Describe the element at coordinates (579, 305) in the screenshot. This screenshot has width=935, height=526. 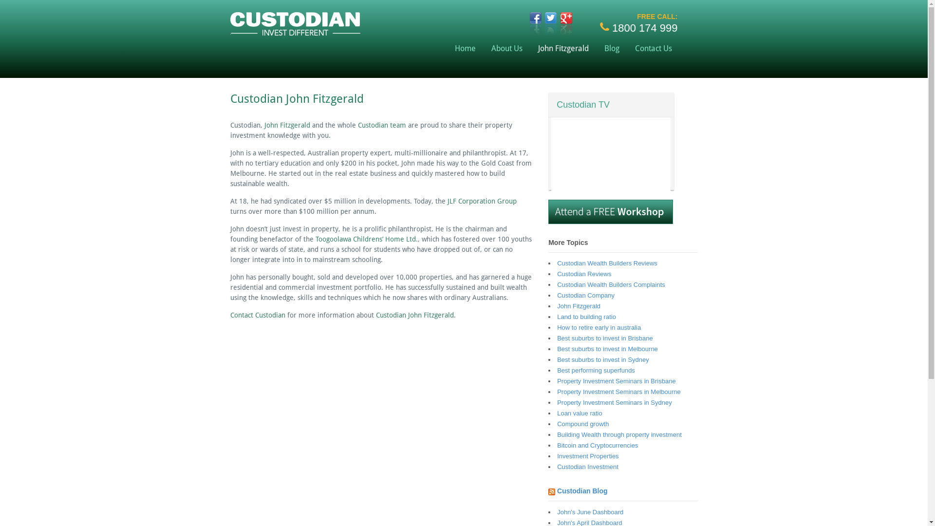
I see `'John Fitzgerald'` at that location.